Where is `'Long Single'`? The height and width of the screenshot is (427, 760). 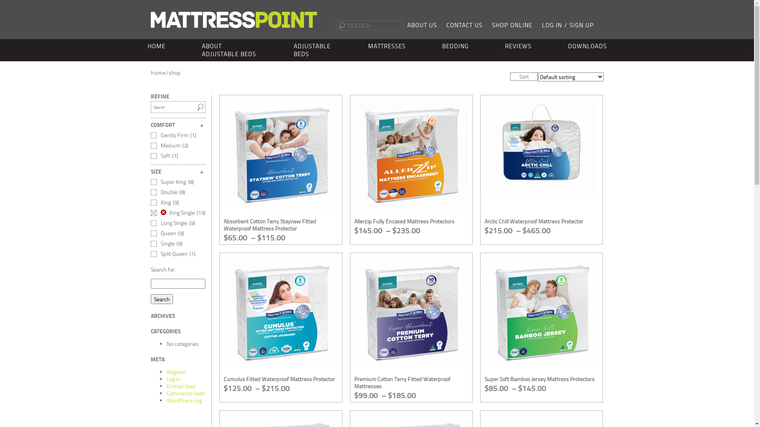 'Long Single' is located at coordinates (150, 223).